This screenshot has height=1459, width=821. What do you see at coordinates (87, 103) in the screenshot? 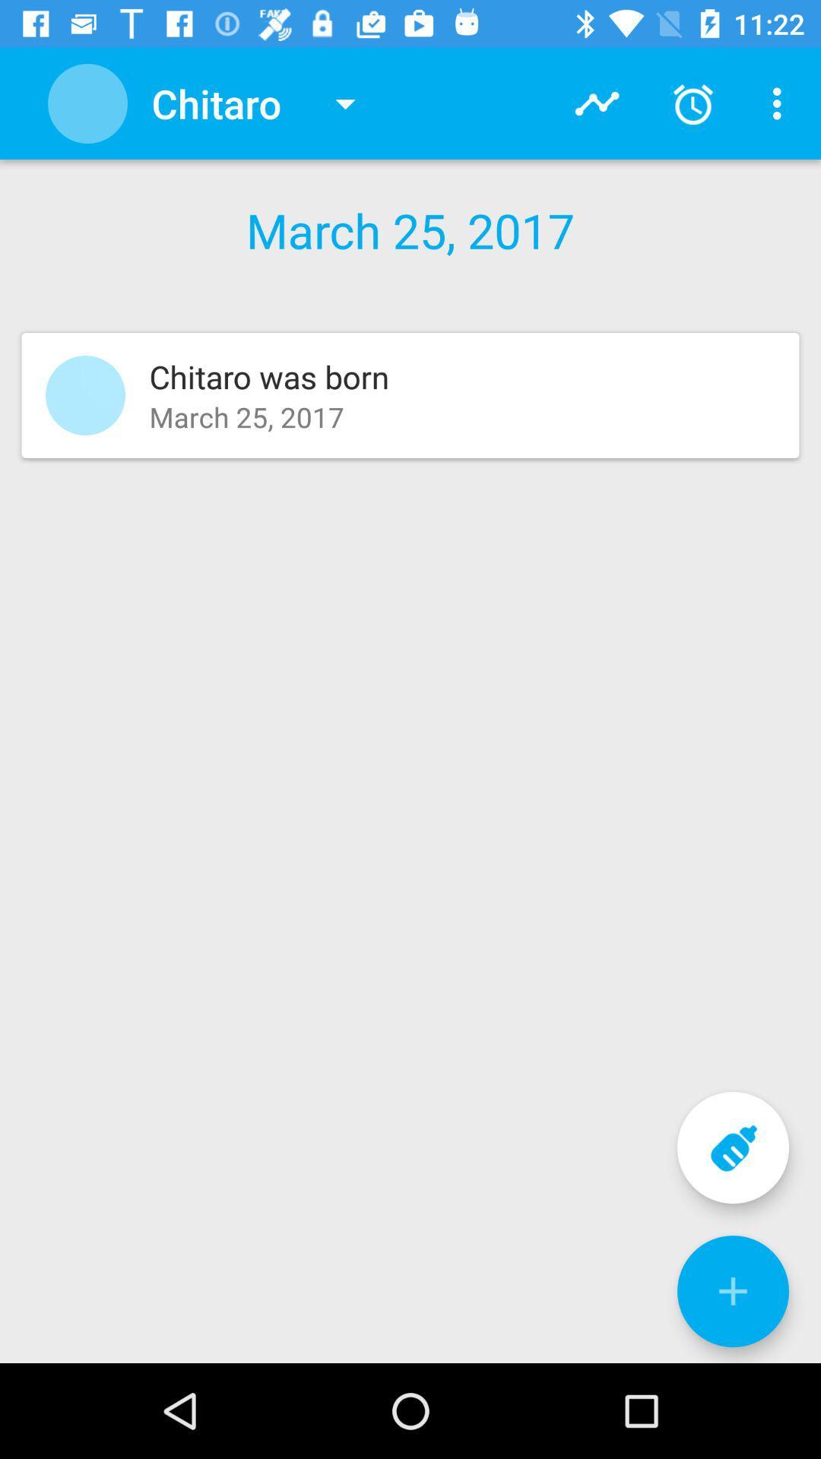
I see `icon which is left to chitaro` at bounding box center [87, 103].